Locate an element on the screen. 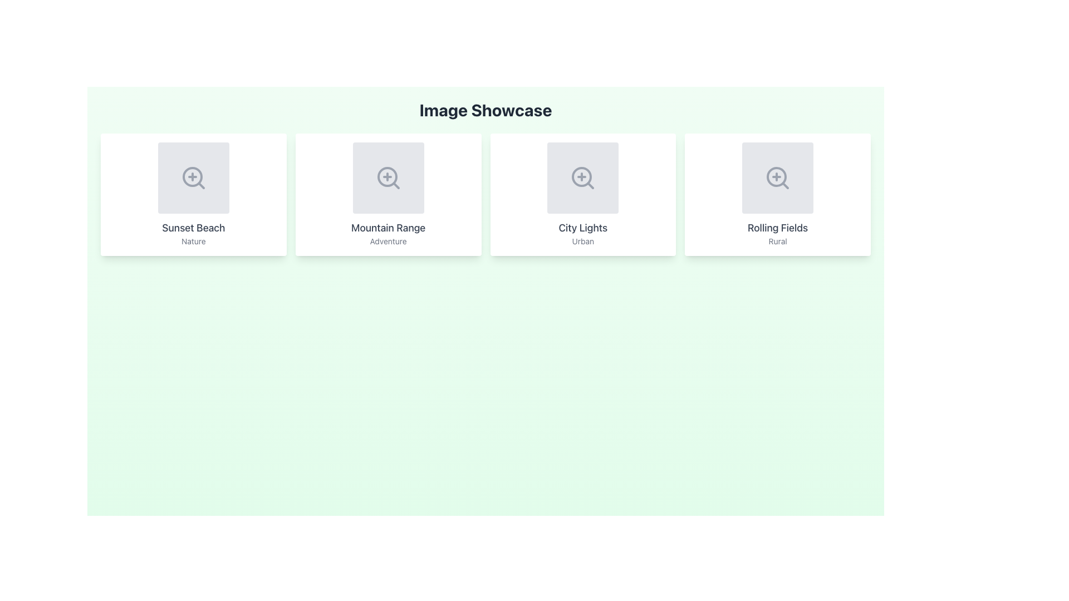  the circular graphical component that forms the middle part of the '+' symbol within the zoom-in icon, located above the text 'Sunset Beach' and its subtitle 'Nature' is located at coordinates (192, 176).